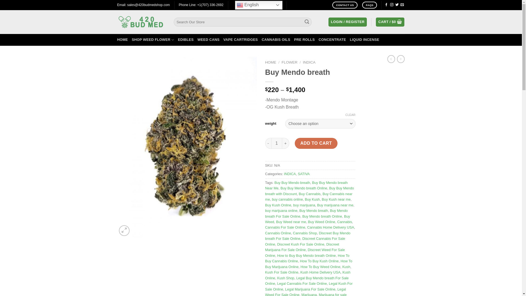 Image resolution: width=526 pixels, height=296 pixels. I want to click on 'VAPE CARTRIDGES', so click(223, 39).